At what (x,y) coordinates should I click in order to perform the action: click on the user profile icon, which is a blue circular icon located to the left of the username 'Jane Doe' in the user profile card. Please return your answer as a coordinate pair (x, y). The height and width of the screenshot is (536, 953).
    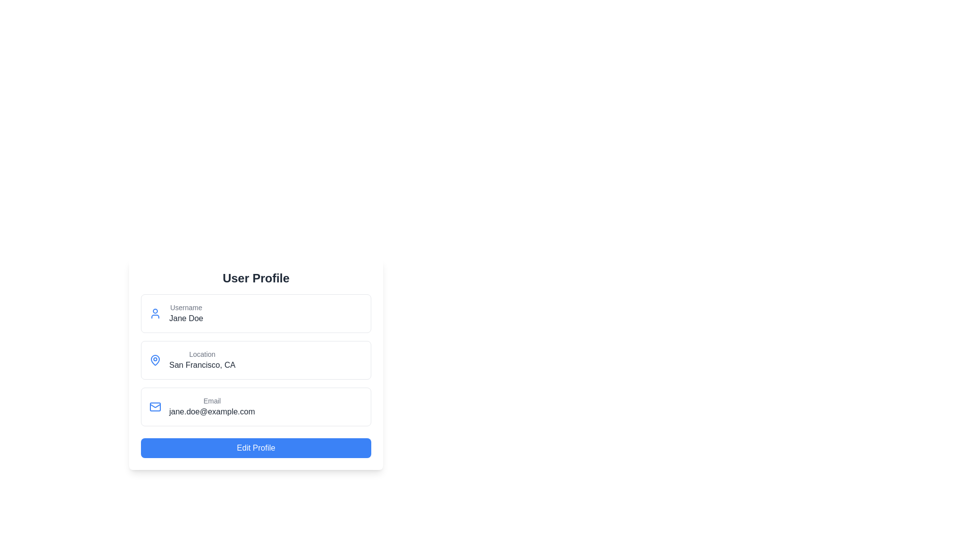
    Looking at the image, I should click on (154, 314).